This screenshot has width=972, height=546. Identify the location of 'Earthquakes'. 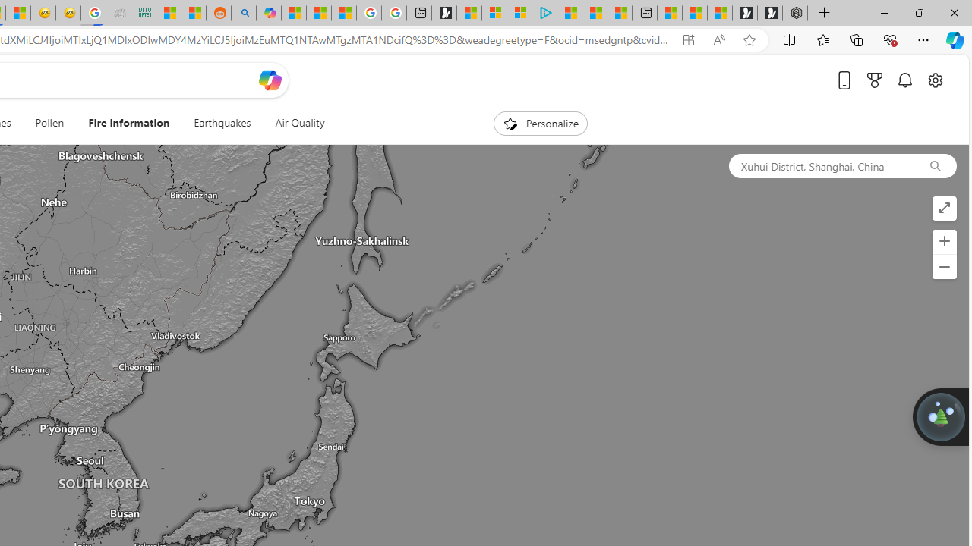
(222, 123).